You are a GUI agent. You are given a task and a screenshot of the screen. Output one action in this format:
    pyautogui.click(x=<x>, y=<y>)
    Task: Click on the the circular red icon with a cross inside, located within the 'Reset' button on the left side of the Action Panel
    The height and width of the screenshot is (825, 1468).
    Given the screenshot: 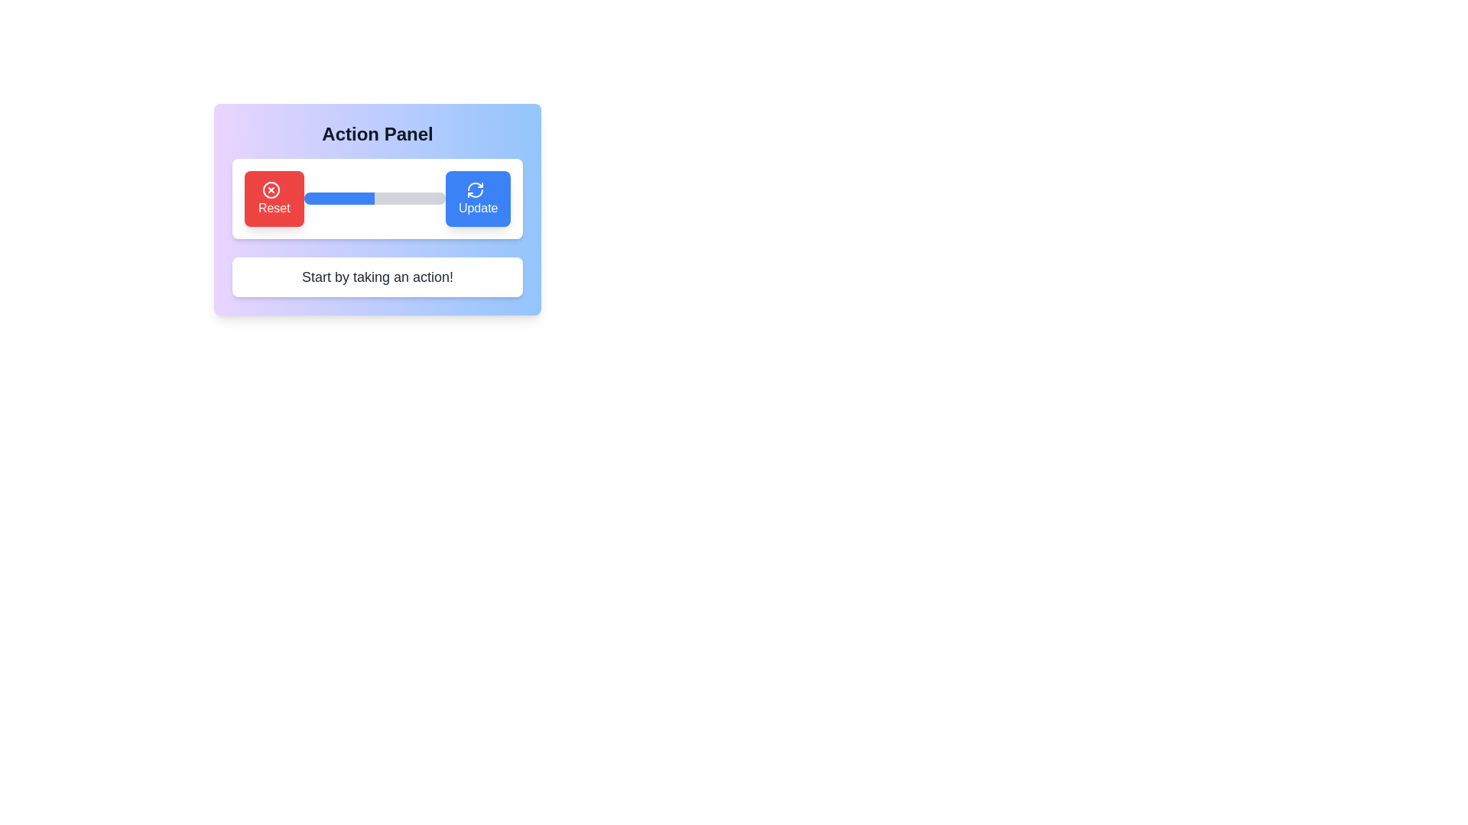 What is the action you would take?
    pyautogui.click(x=271, y=189)
    